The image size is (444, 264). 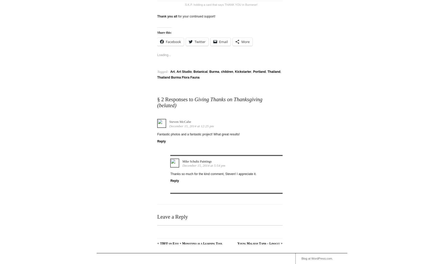 What do you see at coordinates (172, 70) in the screenshot?
I see `'Art'` at bounding box center [172, 70].